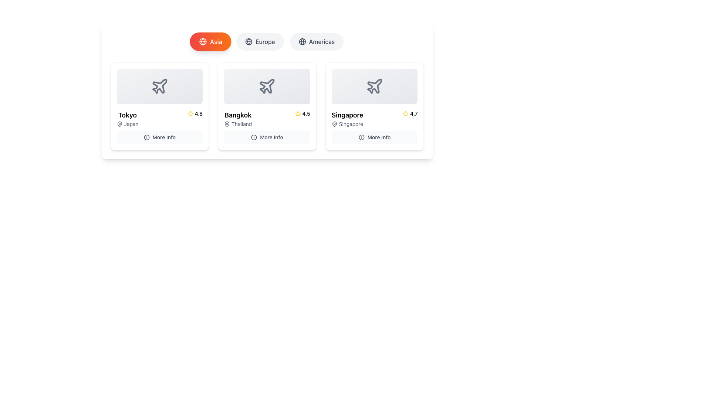  What do you see at coordinates (379, 137) in the screenshot?
I see `text of the label located below the 'Singapore' text and adjacent to the information icon in the last card of a horizontal series of three cards` at bounding box center [379, 137].